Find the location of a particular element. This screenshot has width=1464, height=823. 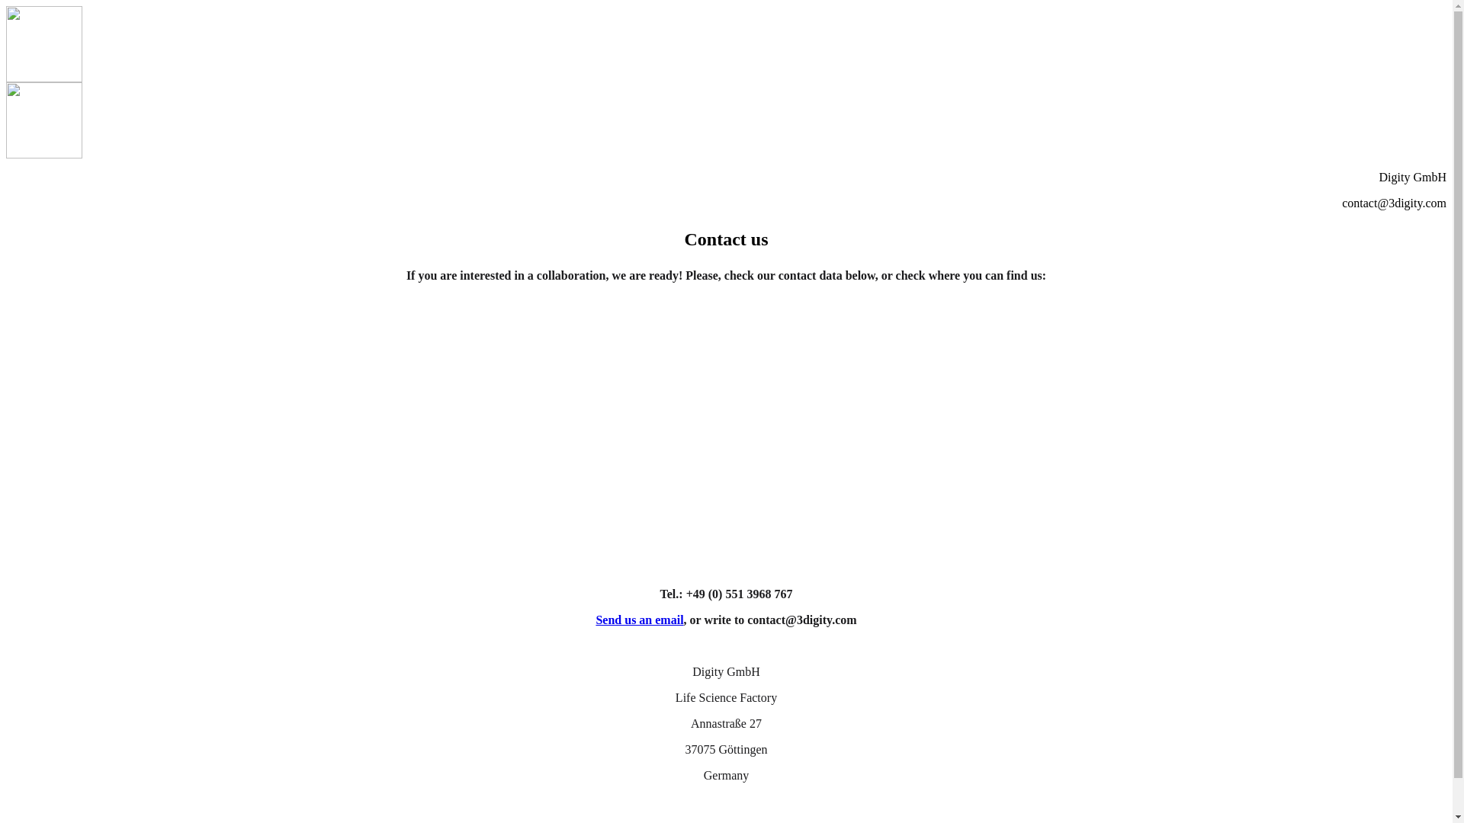

'Send us an email' is located at coordinates (639, 620).